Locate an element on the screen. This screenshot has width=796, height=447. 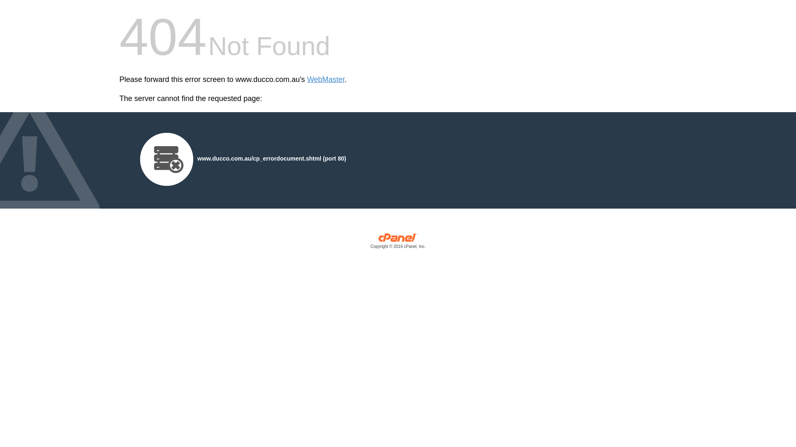
'WebMaster' is located at coordinates (325, 79).